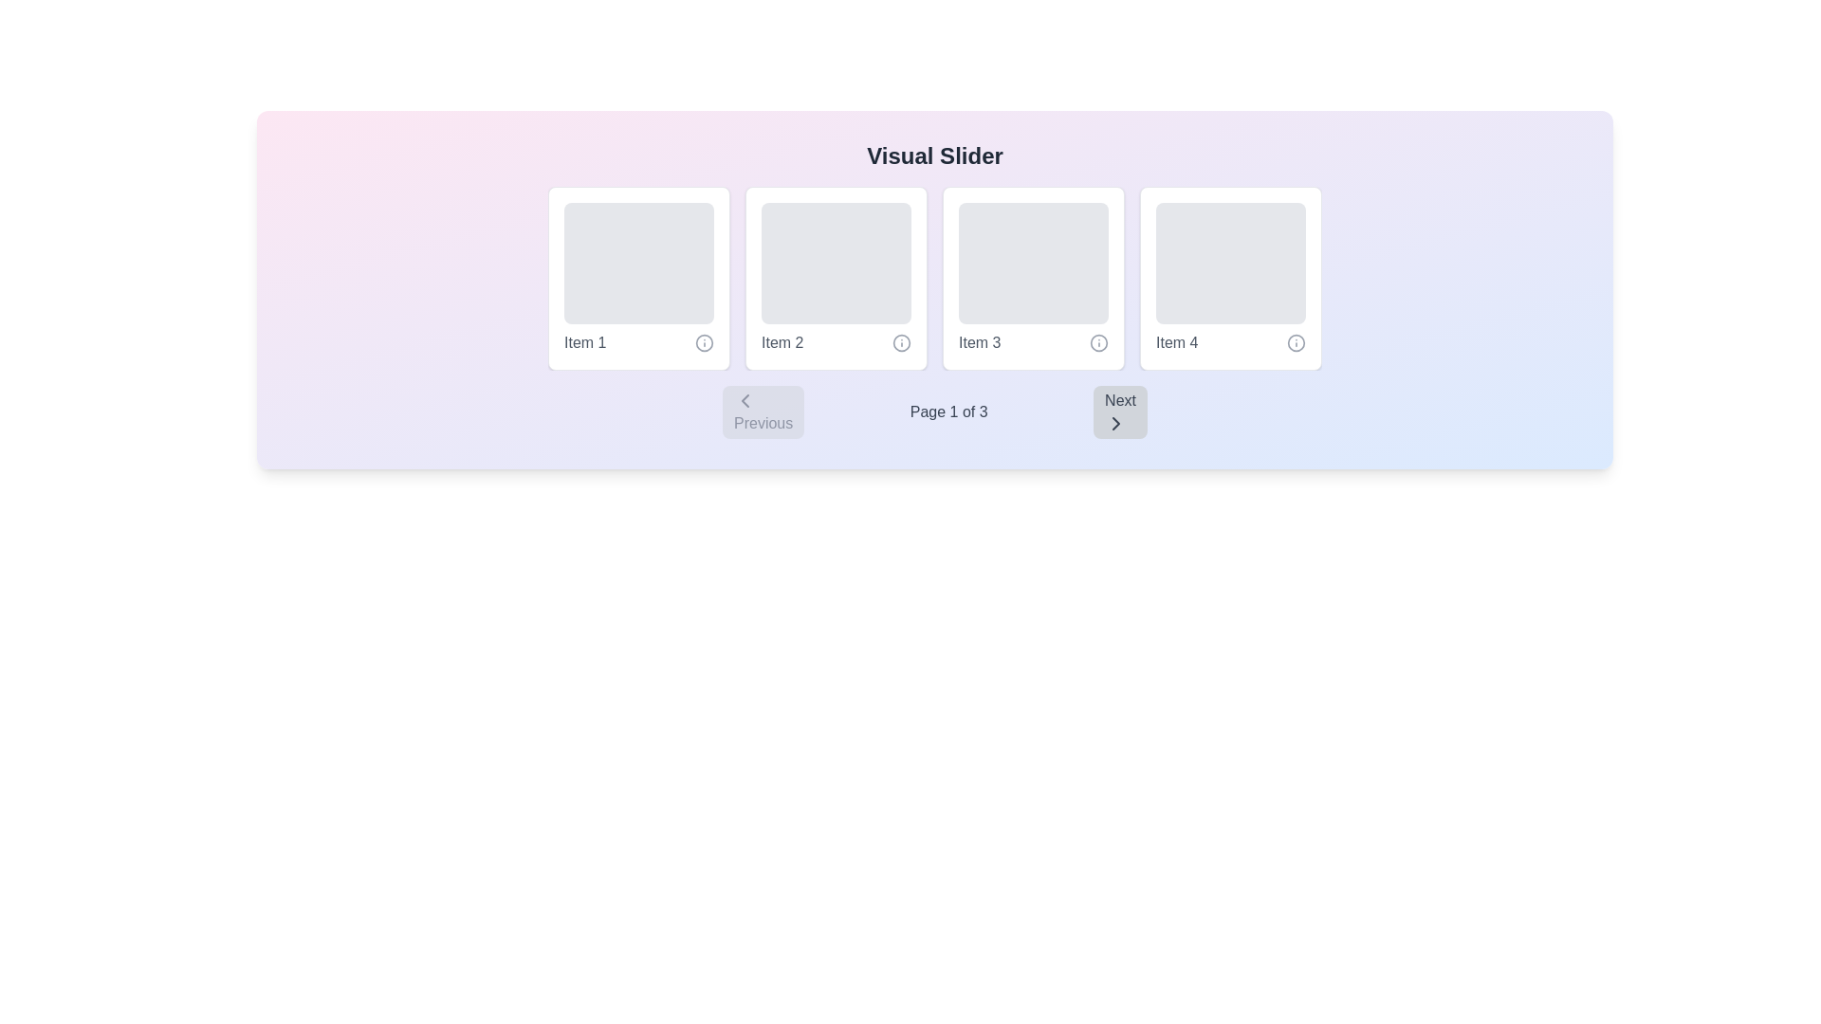 This screenshot has height=1024, width=1821. What do you see at coordinates (980, 343) in the screenshot?
I see `the text label representing the item's name or title located within the third card, directly beneath the image placeholder` at bounding box center [980, 343].